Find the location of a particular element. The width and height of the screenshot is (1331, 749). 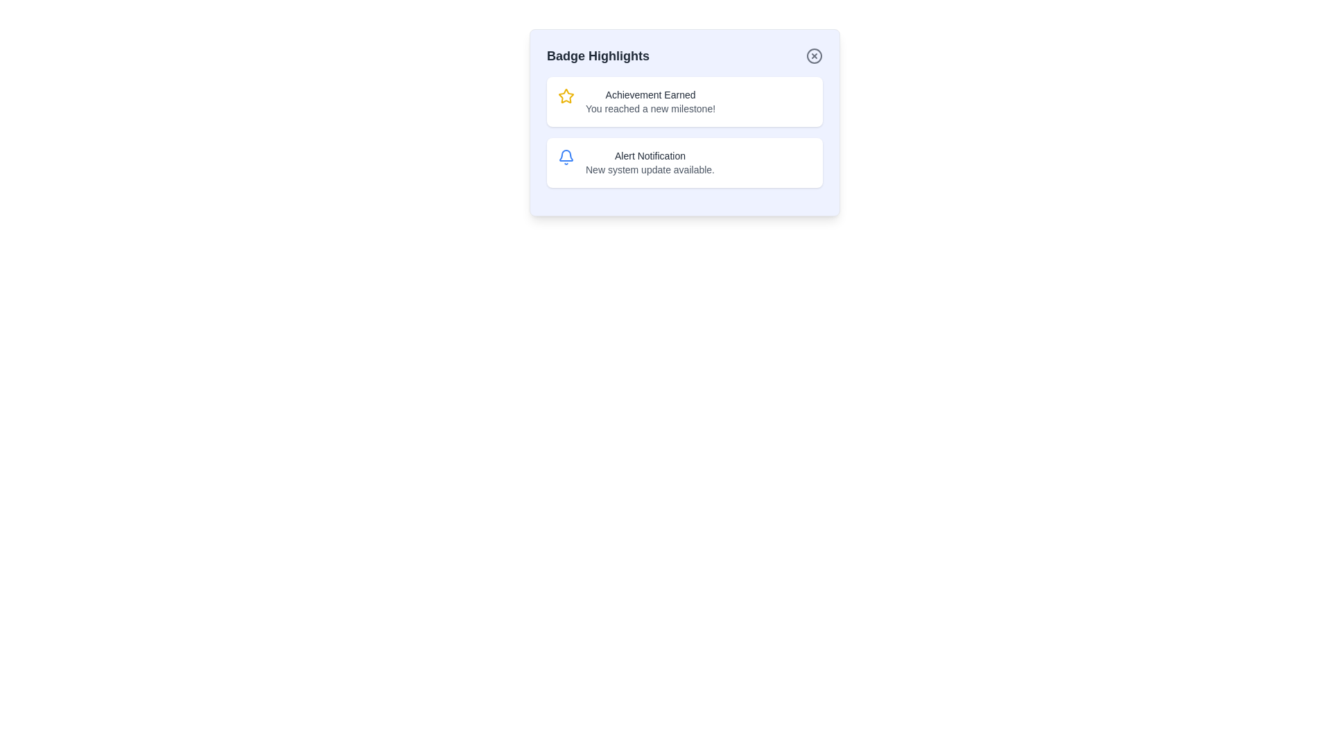

the Text label that provides additional details about the achievement notification, positioned just below 'Achievement Earned' is located at coordinates (650, 108).